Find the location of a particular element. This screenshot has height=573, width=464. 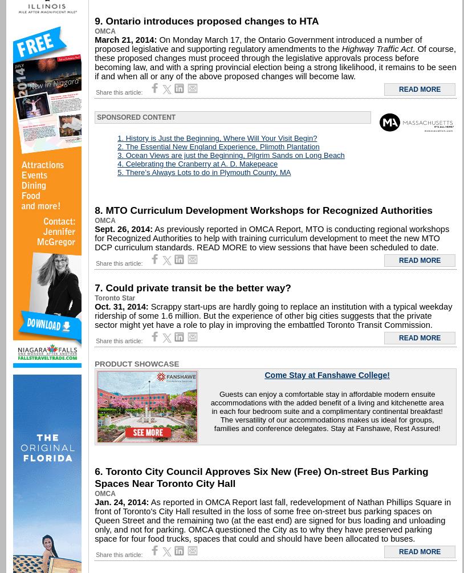

'On Monday March 17, the Ontario Government introduced a number of proposed legislative and supporting regulatory amendments to the' is located at coordinates (257, 44).